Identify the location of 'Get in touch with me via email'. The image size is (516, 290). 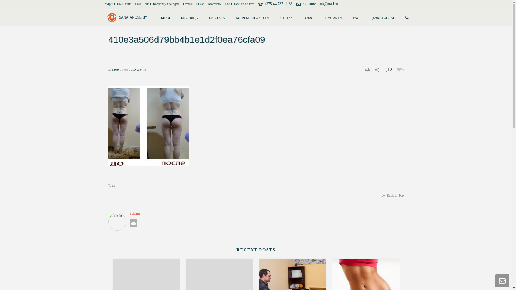
(133, 223).